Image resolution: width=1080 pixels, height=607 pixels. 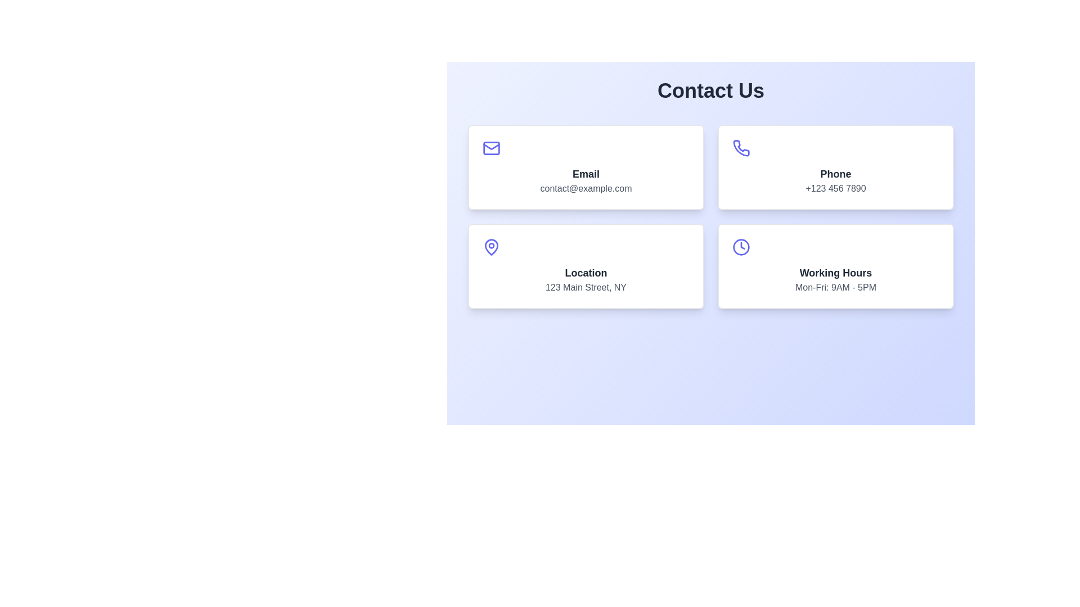 I want to click on the static text label providing information about operational hours, located in the bottom-right corner of the layout underneath the 'Working Hours' title, so click(x=836, y=287).